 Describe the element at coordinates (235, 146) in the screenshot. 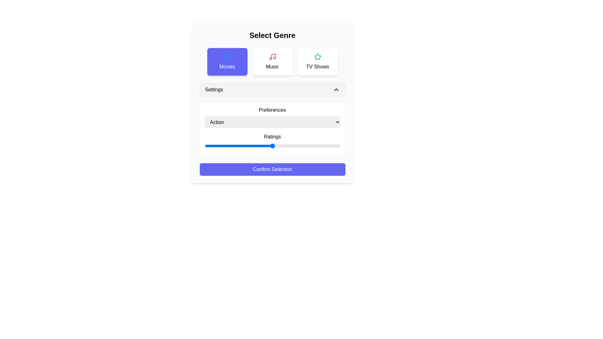

I see `the rating value` at that location.